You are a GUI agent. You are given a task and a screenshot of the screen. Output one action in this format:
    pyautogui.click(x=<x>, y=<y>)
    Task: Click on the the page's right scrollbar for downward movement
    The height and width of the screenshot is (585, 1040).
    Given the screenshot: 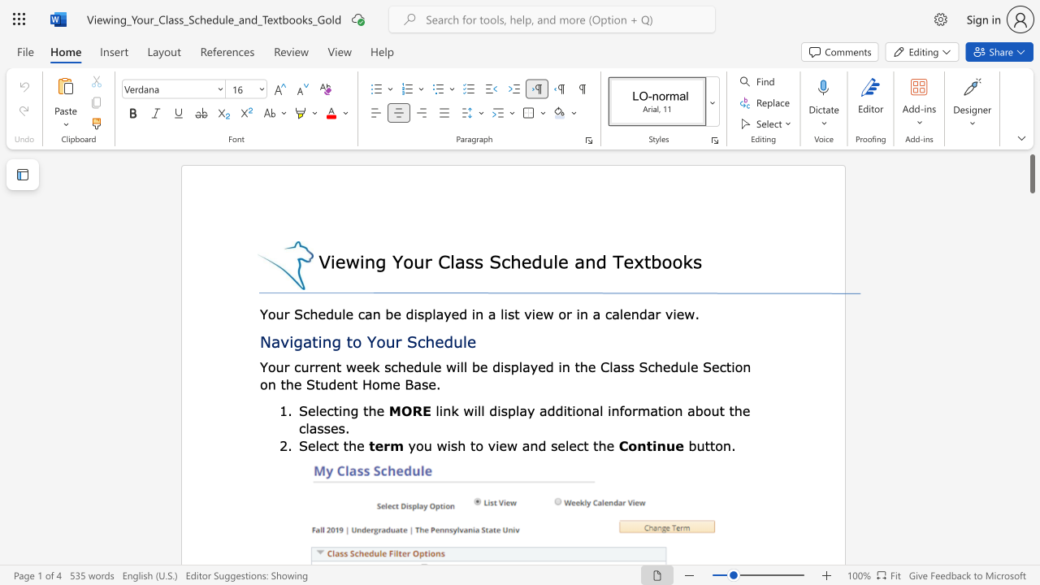 What is the action you would take?
    pyautogui.click(x=1031, y=210)
    